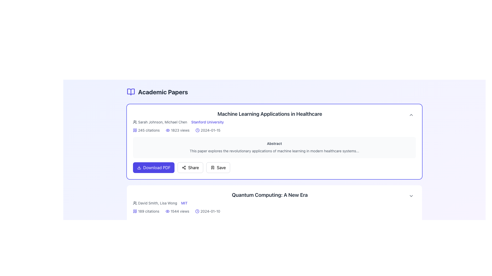 This screenshot has width=492, height=276. I want to click on the text label displaying the date associated with the paper, located in the first paper card after '245 citations' and '1823 views', so click(208, 130).